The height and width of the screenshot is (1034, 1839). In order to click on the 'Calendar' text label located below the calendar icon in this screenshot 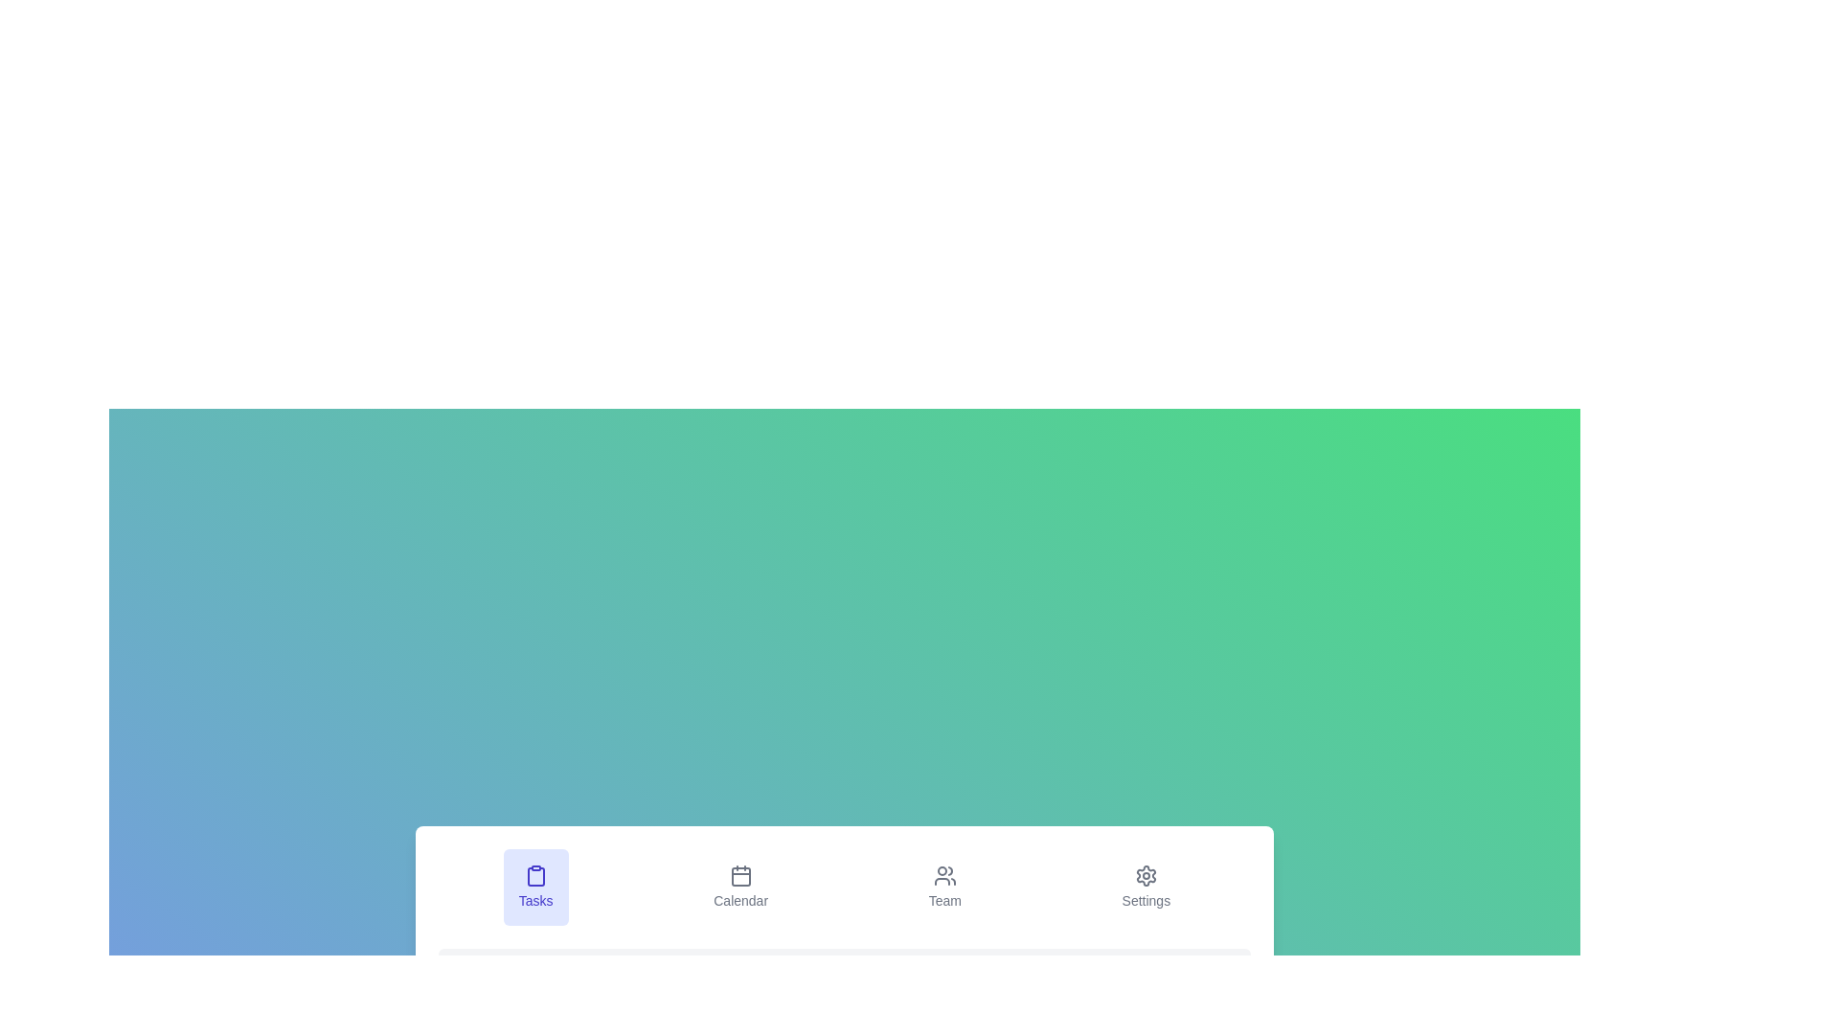, I will do `click(739, 901)`.